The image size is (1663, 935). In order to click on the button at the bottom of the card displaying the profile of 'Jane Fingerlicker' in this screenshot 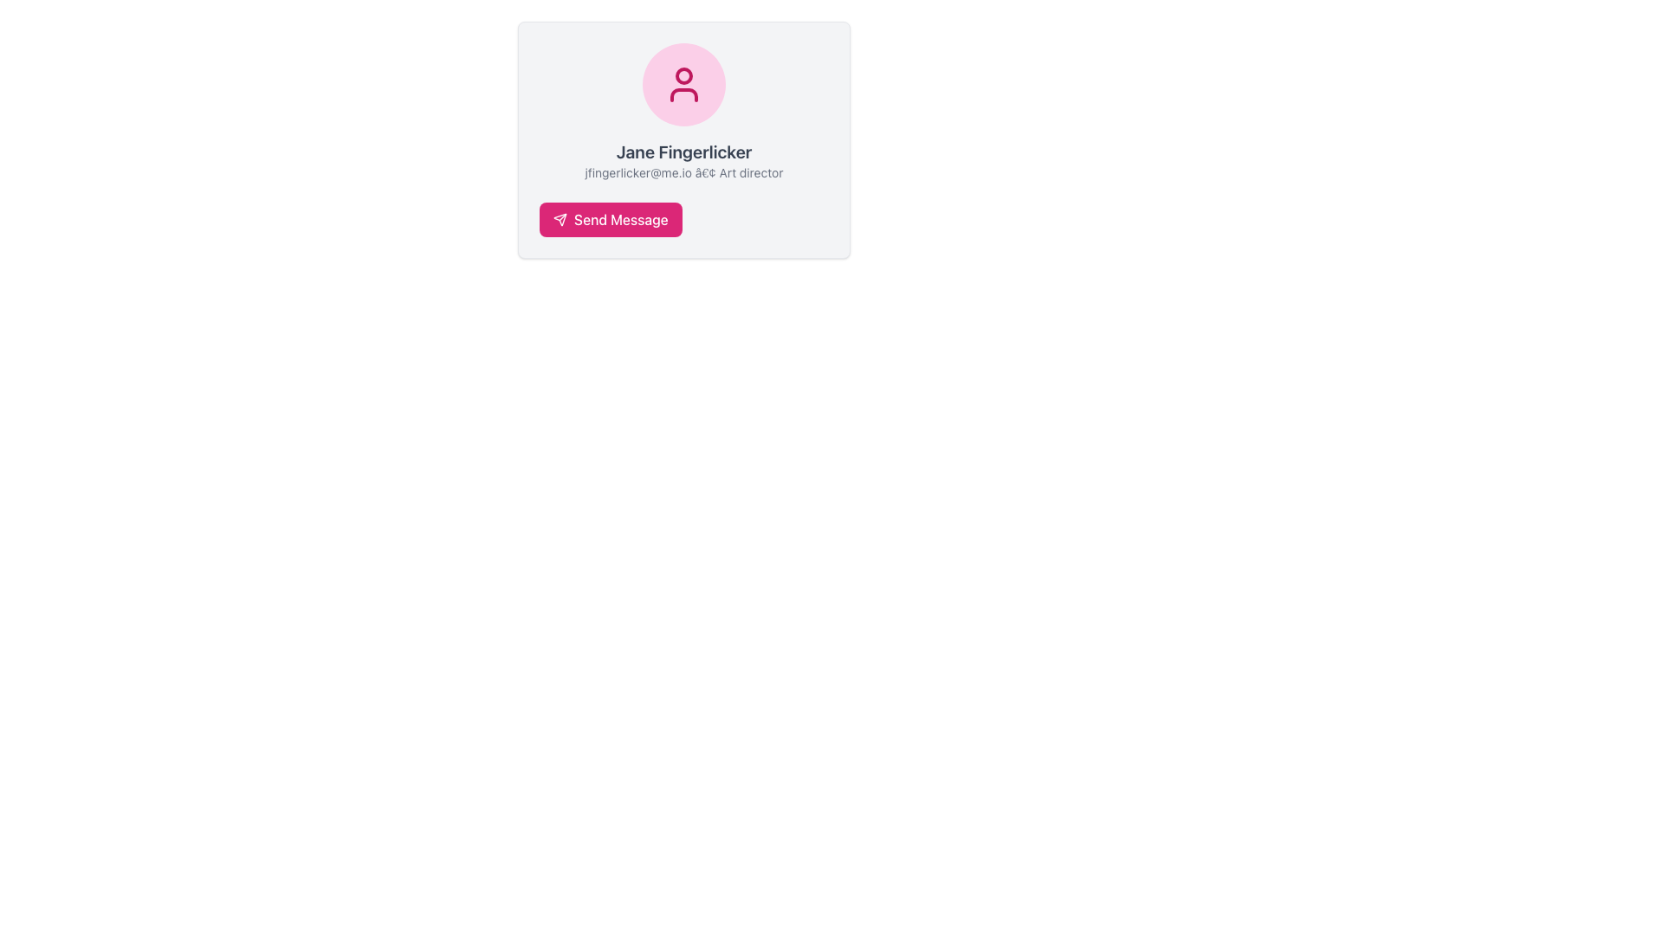, I will do `click(611, 219)`.